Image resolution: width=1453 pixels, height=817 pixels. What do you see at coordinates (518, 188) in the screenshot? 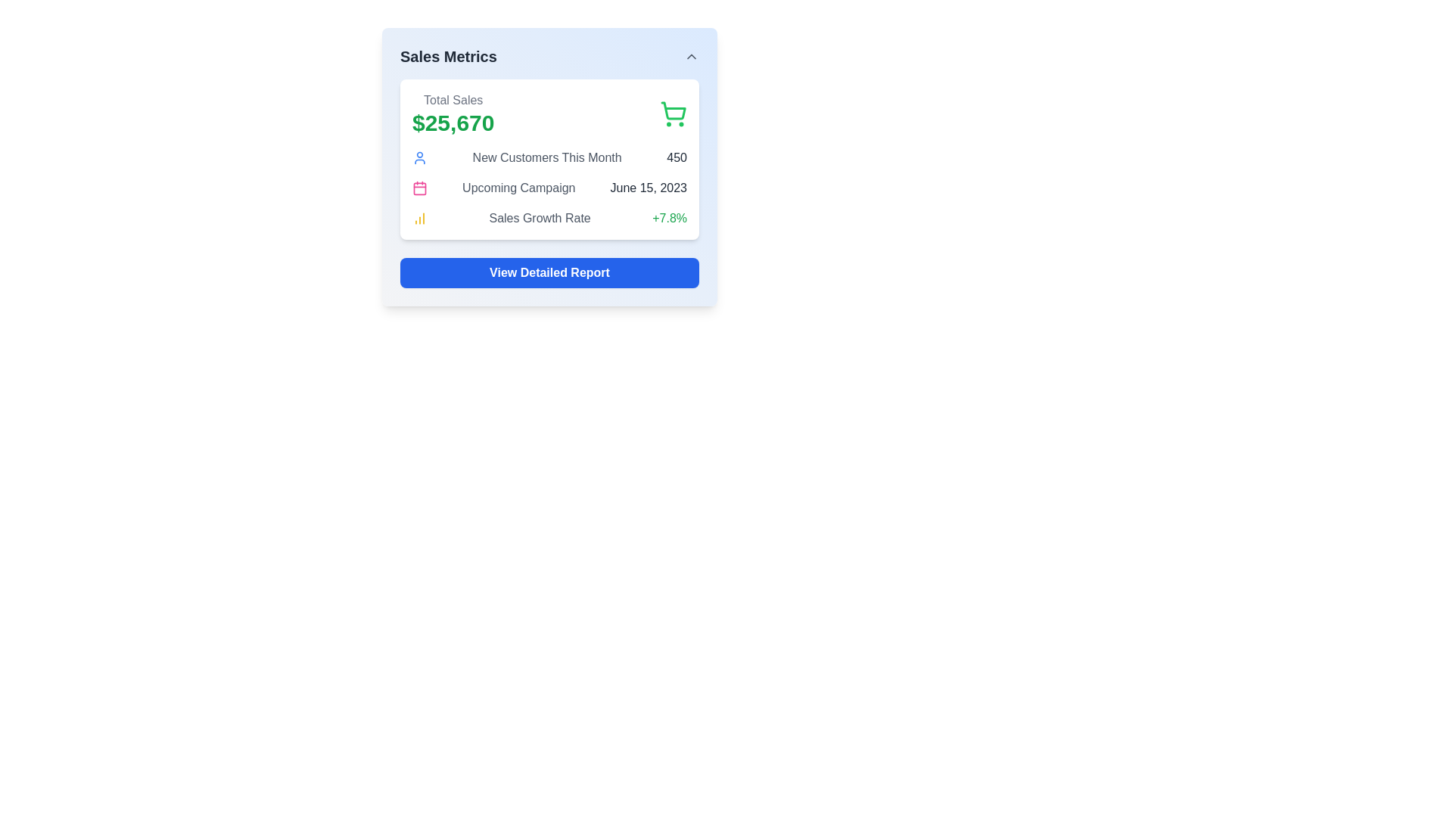
I see `the text label reading 'Upcoming Campaign' styled in gray font, which is located within the Sales Metrics card, aligned below a pink calendar icon and alongside the date 'June 15, 2023'` at bounding box center [518, 188].